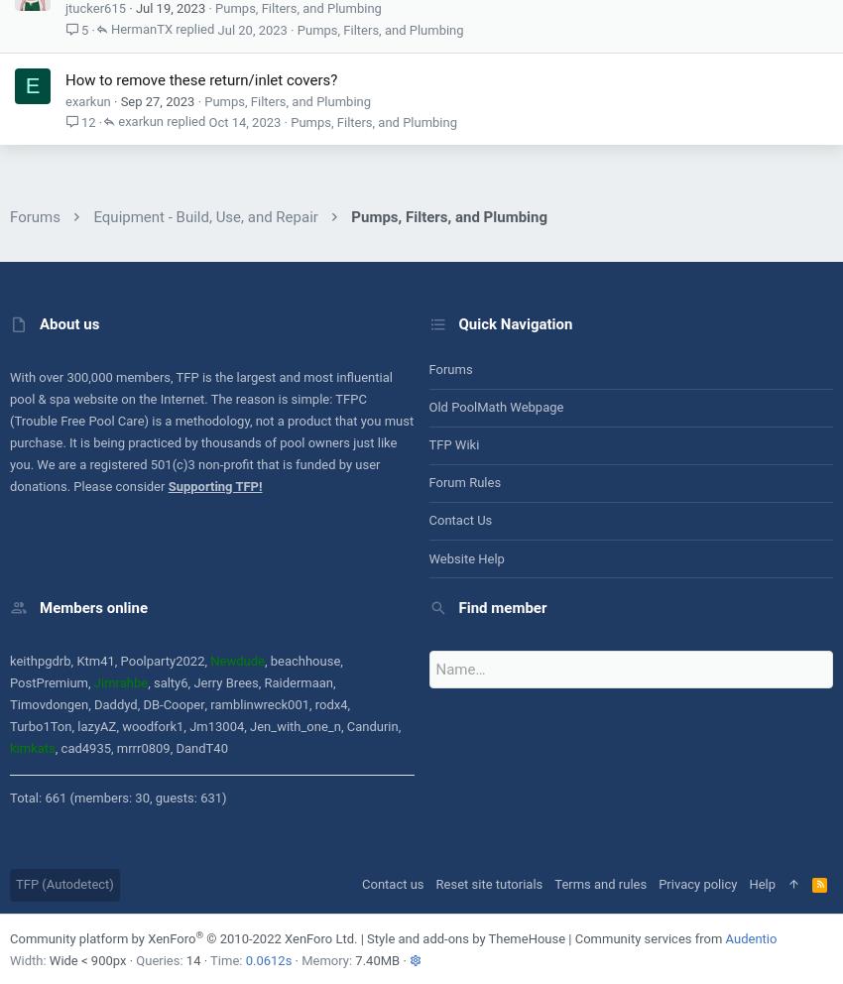 The width and height of the screenshot is (843, 984). Describe the element at coordinates (251, 28) in the screenshot. I see `'Jul 20, 2023'` at that location.